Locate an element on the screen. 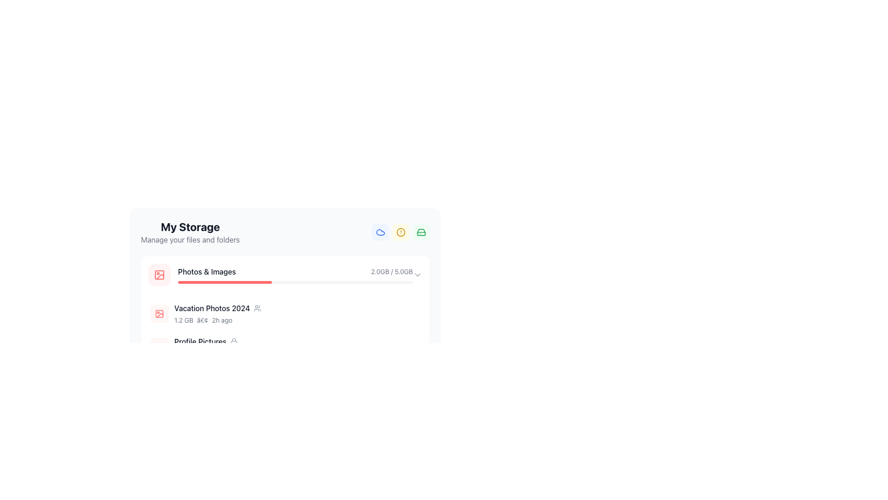 Image resolution: width=888 pixels, height=500 pixels. the warning or alert icon located between a blue-themed button and a green-themed button is located at coordinates (401, 231).